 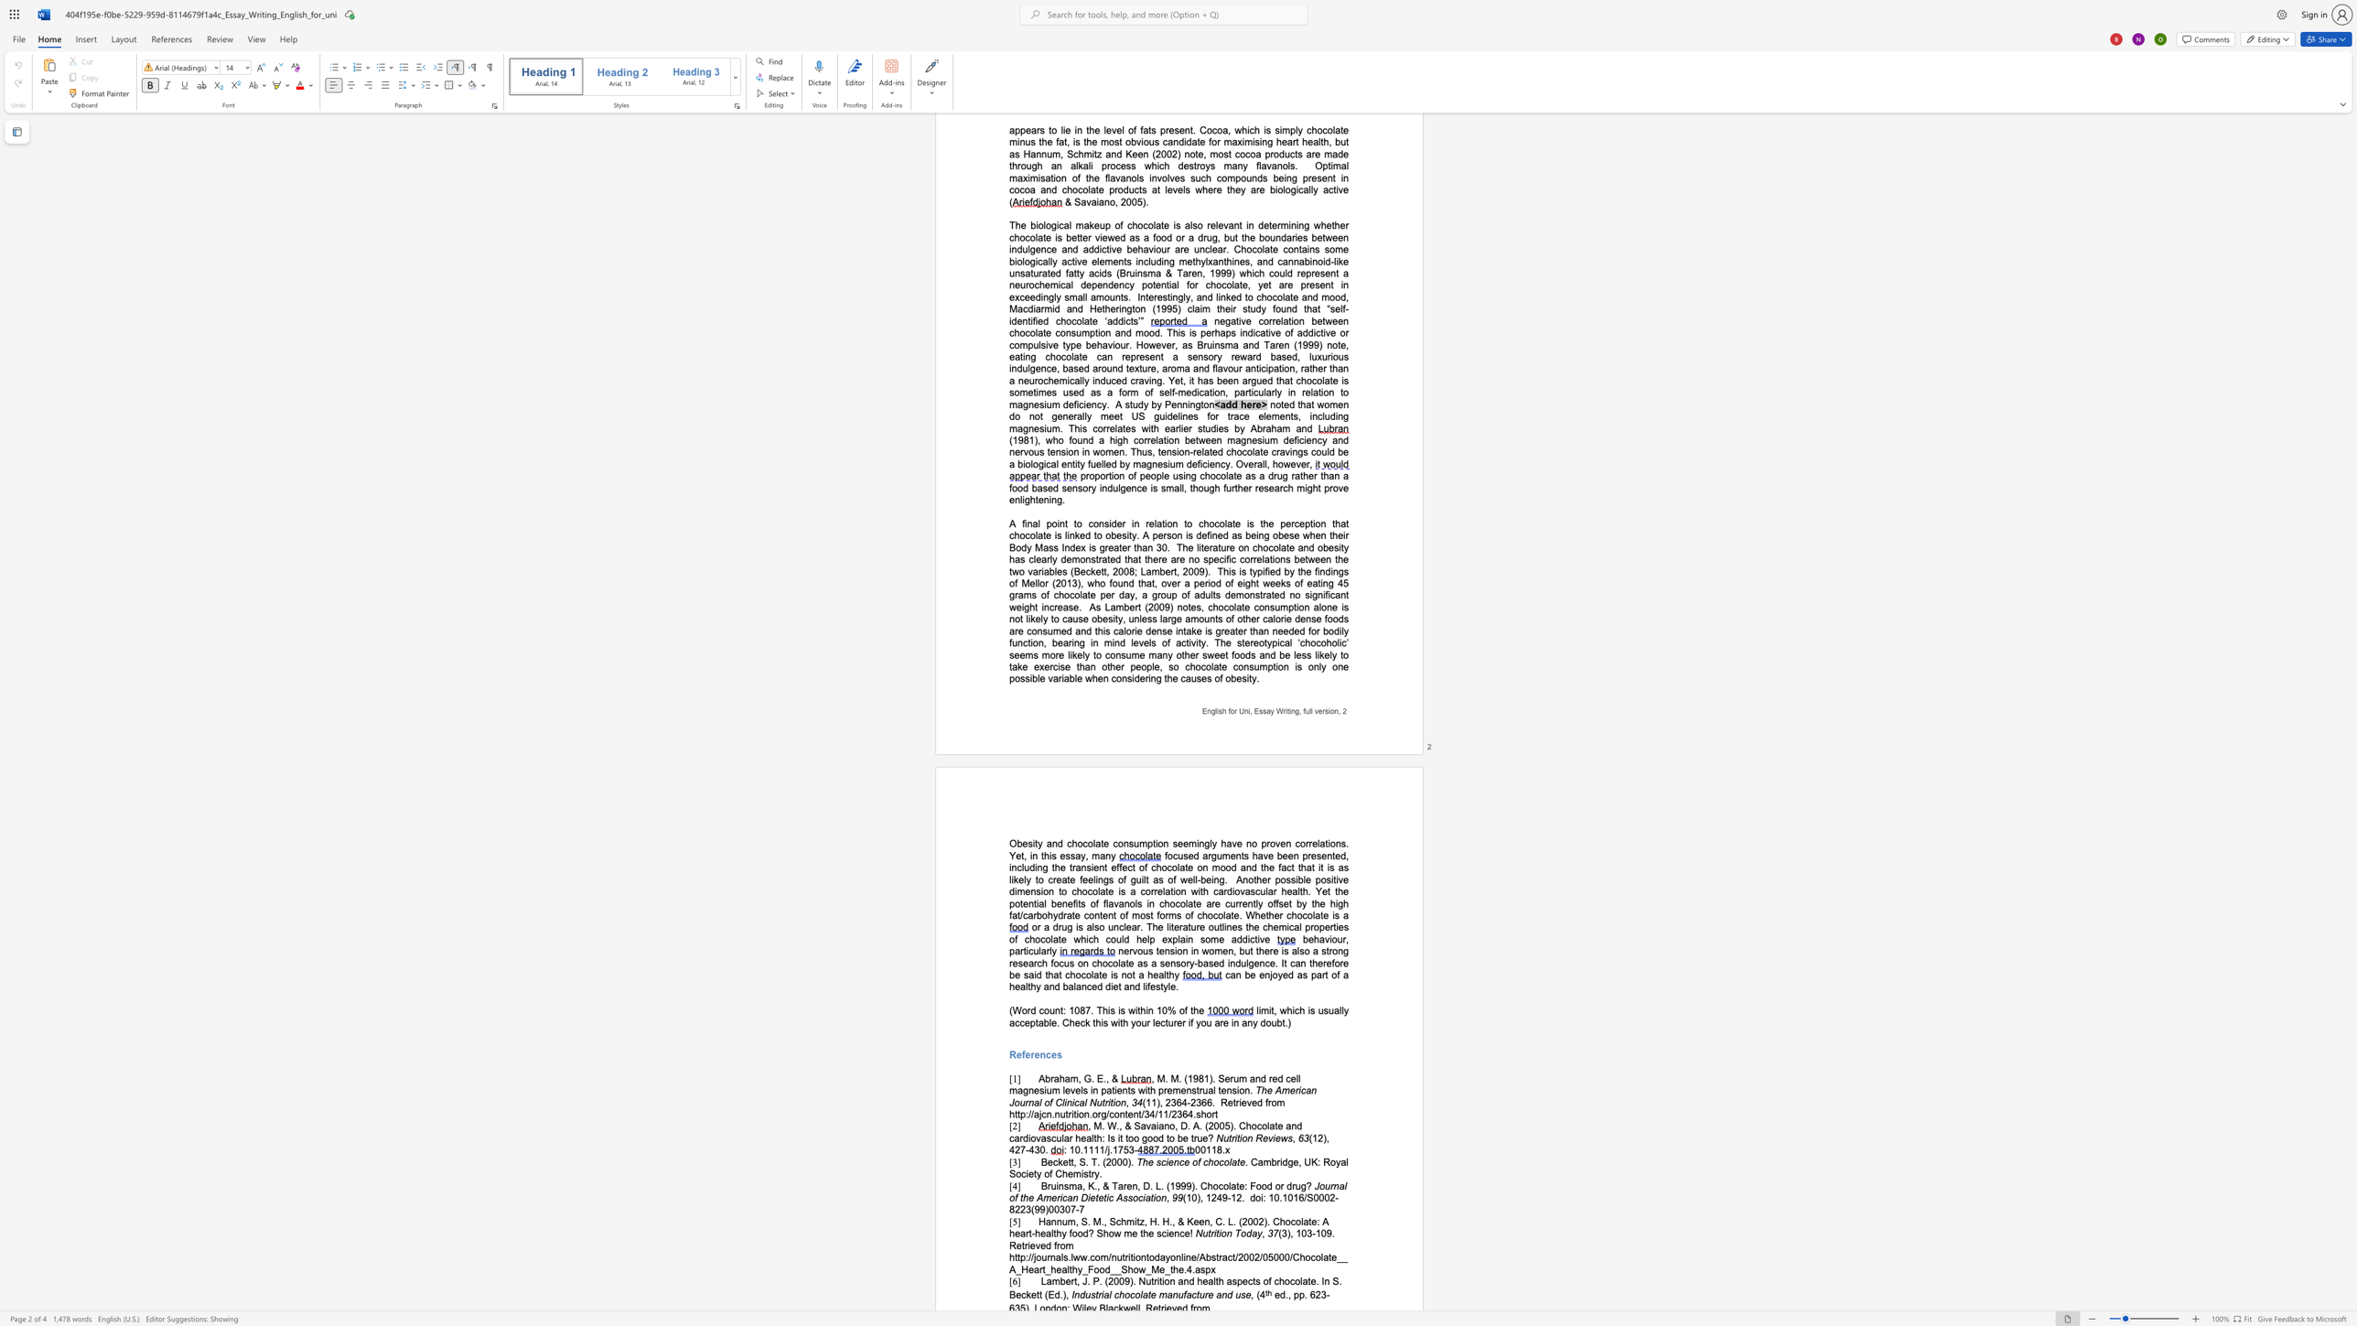 What do you see at coordinates (1222, 1185) in the screenshot?
I see `the subset text "olate: Food or drug?" within the text "Bruinsma, K., & Taren, D. L. (1999). Chocolate: Food or drug?"` at bounding box center [1222, 1185].